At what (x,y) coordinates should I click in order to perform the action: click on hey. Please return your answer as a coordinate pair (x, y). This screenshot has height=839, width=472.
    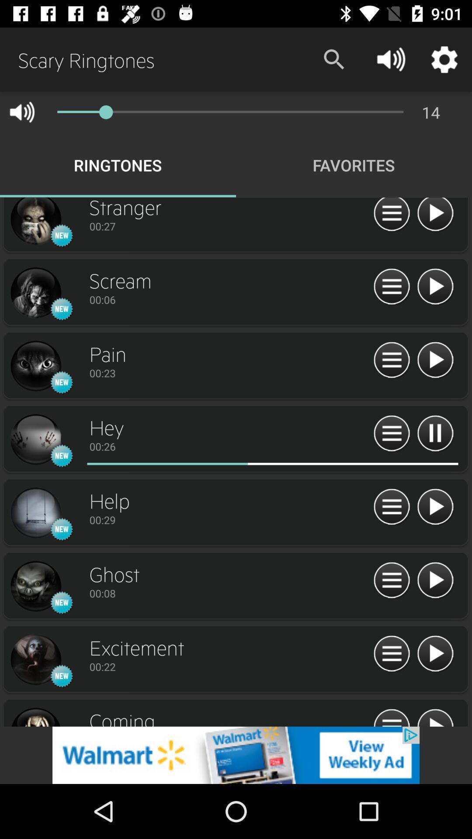
    Looking at the image, I should click on (35, 440).